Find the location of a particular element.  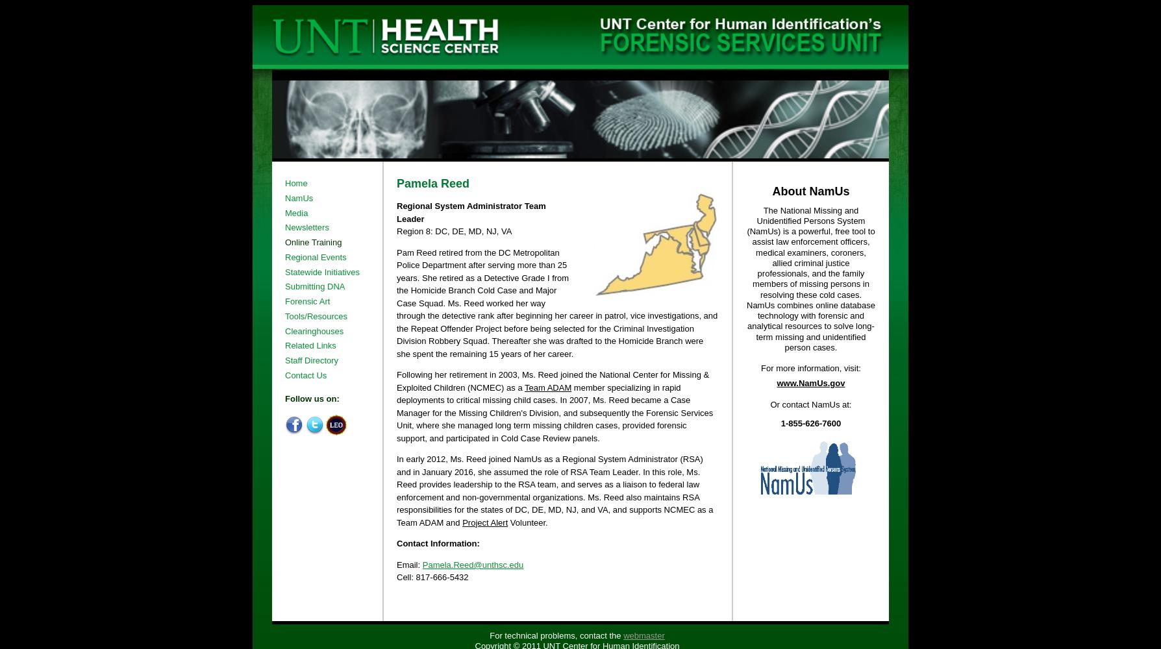

'Home' is located at coordinates (284, 183).